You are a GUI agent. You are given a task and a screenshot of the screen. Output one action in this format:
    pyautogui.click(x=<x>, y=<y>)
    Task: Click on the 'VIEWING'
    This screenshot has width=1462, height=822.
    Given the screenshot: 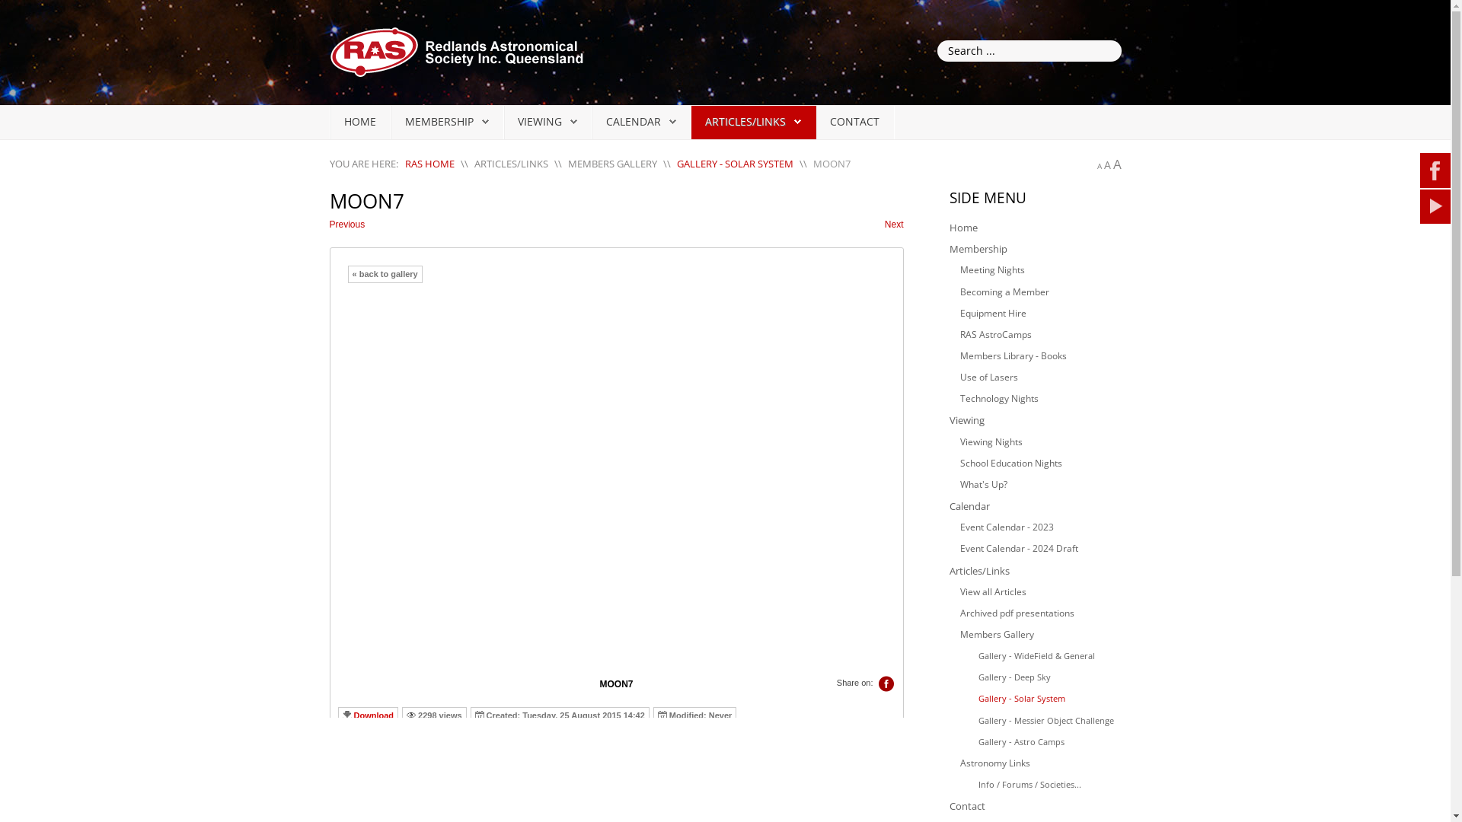 What is the action you would take?
    pyautogui.click(x=540, y=120)
    